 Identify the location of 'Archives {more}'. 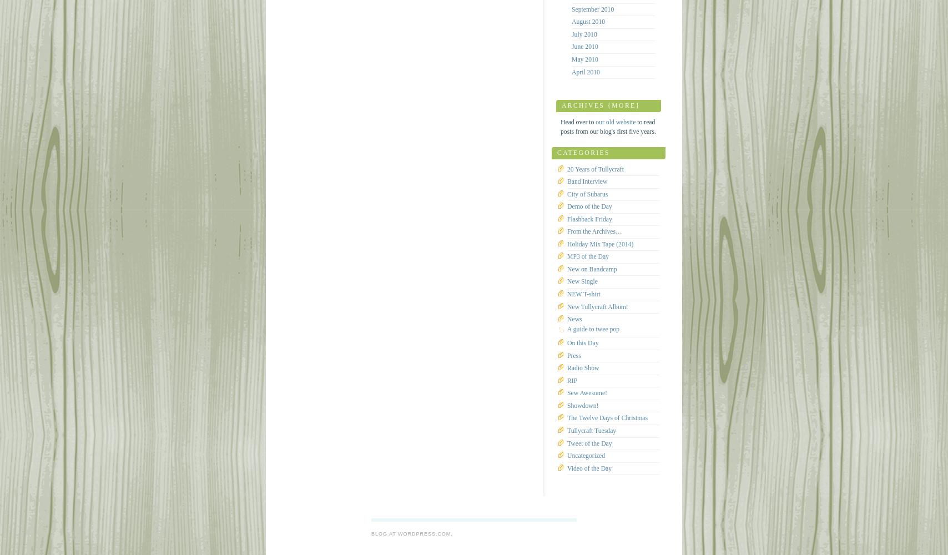
(561, 105).